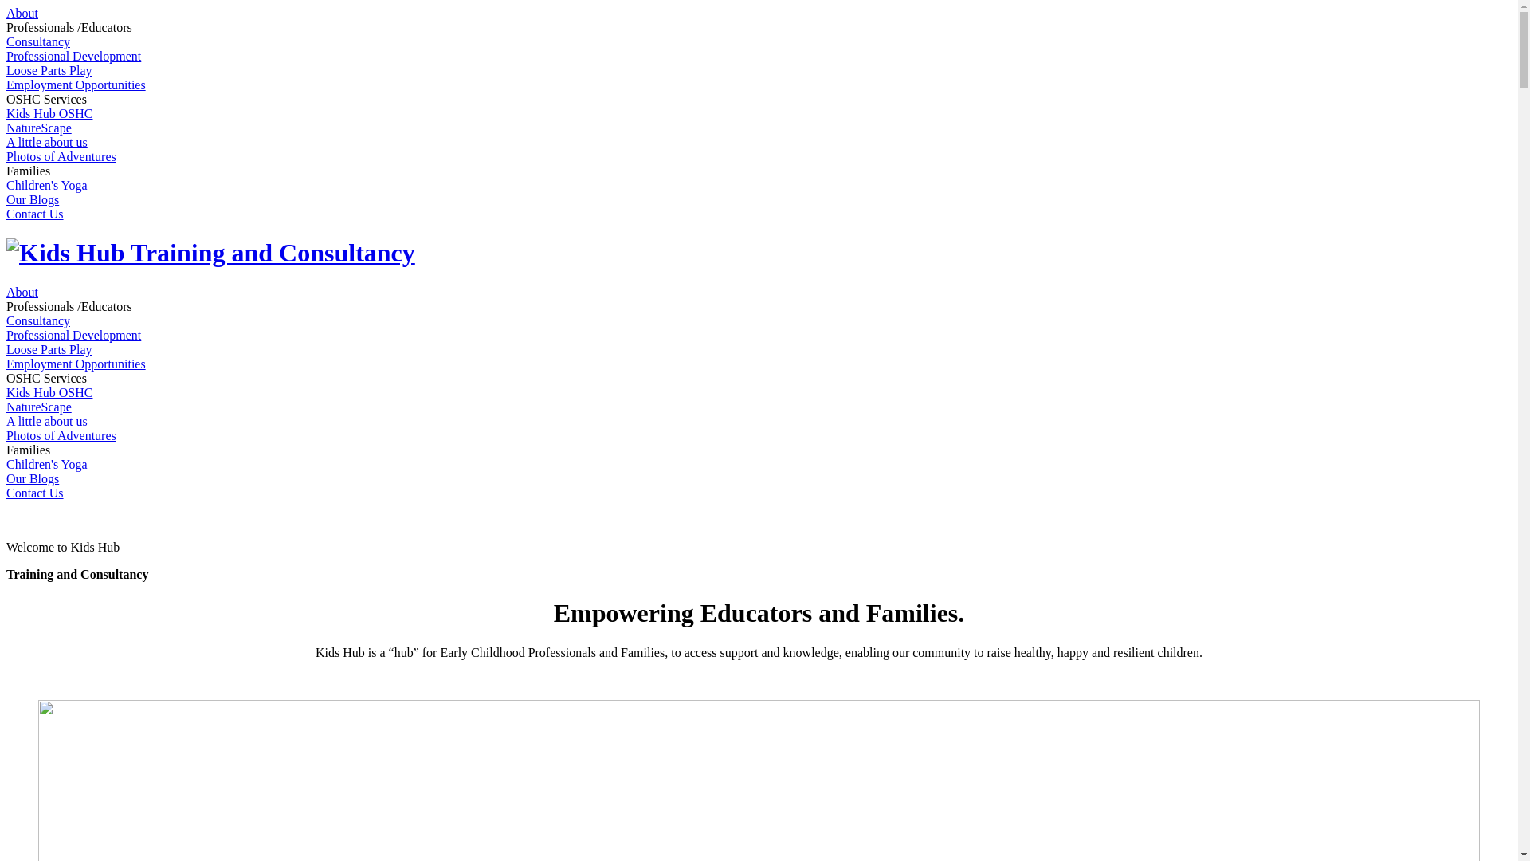  What do you see at coordinates (6, 127) in the screenshot?
I see `'NatureScape'` at bounding box center [6, 127].